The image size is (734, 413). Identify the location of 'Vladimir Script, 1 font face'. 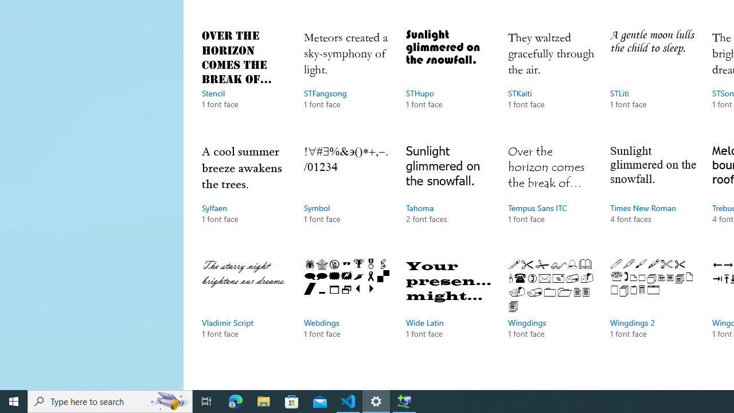
(244, 310).